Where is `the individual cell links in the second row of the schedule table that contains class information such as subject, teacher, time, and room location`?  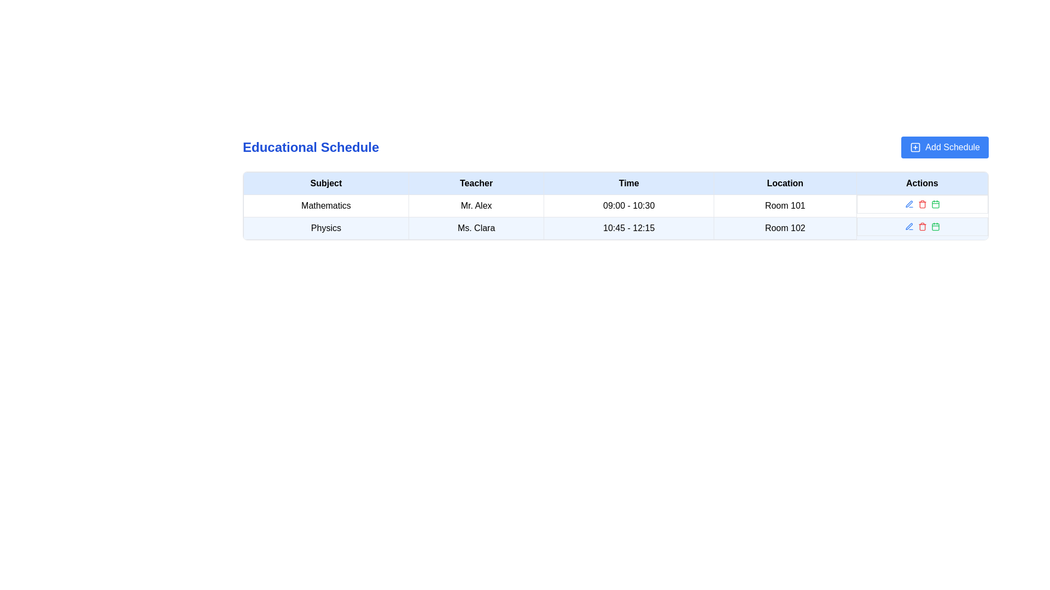 the individual cell links in the second row of the schedule table that contains class information such as subject, teacher, time, and room location is located at coordinates (616, 227).